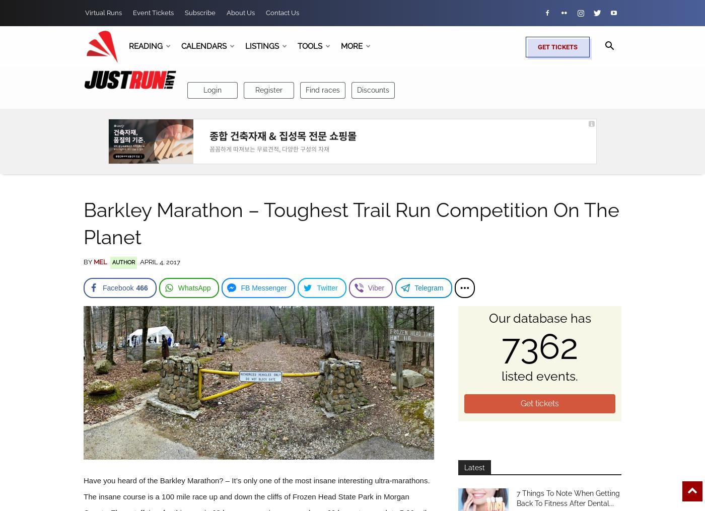 This screenshot has width=705, height=511. I want to click on 'Latest', so click(474, 467).